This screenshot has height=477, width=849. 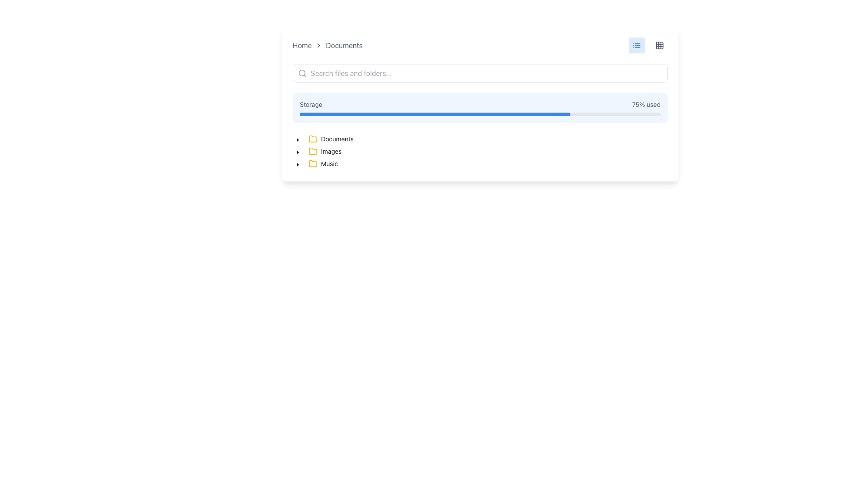 I want to click on the 'Images' folder name in the directory tree view, so click(x=325, y=151).